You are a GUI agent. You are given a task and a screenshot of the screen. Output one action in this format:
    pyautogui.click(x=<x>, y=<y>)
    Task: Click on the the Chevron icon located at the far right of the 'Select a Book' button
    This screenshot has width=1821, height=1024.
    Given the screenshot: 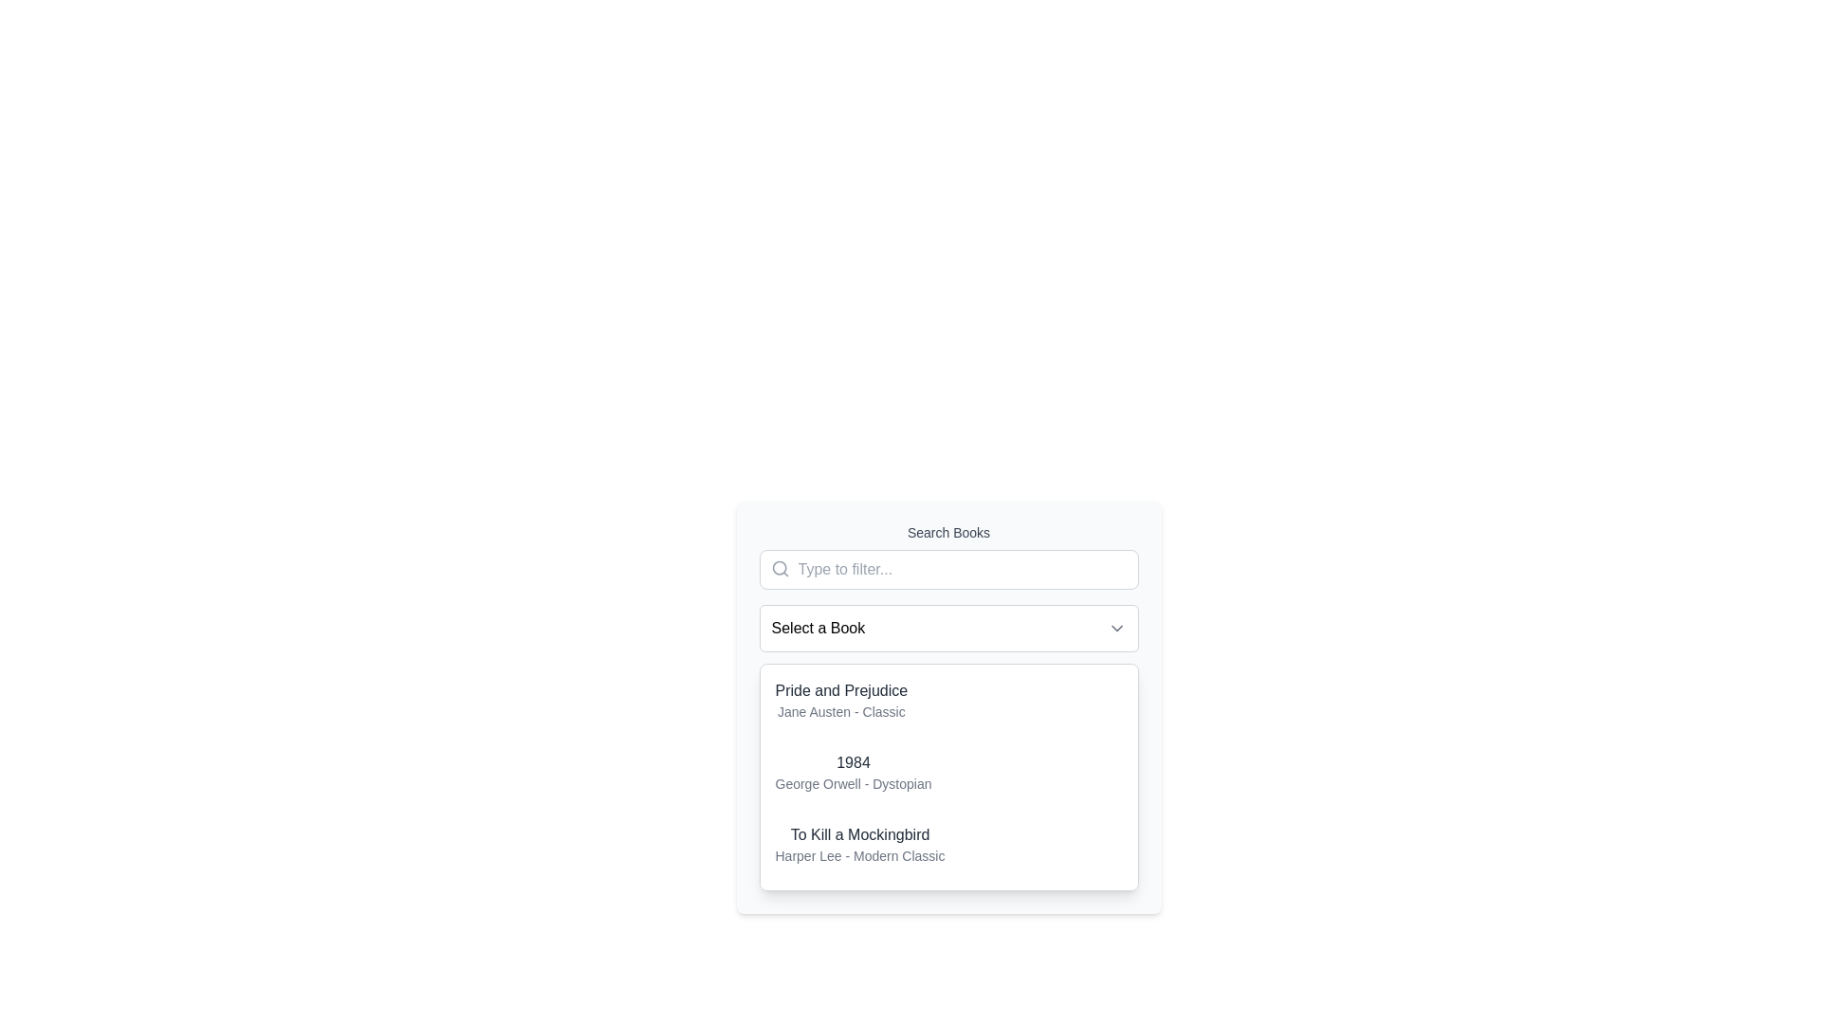 What is the action you would take?
    pyautogui.click(x=1116, y=629)
    